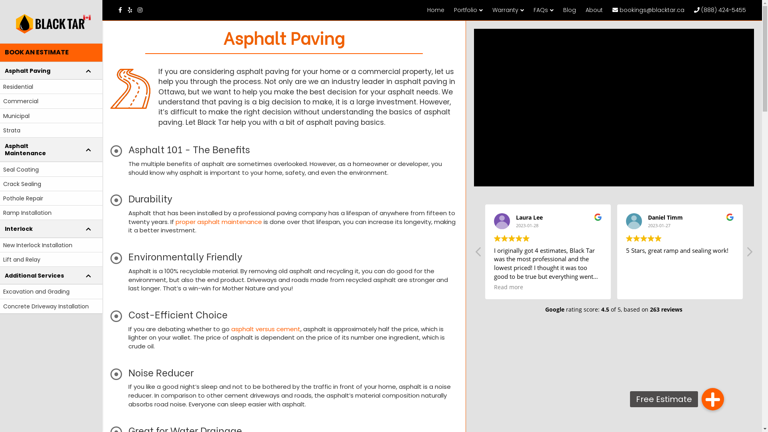 Image resolution: width=768 pixels, height=432 pixels. Describe the element at coordinates (51, 130) in the screenshot. I see `'Strata'` at that location.